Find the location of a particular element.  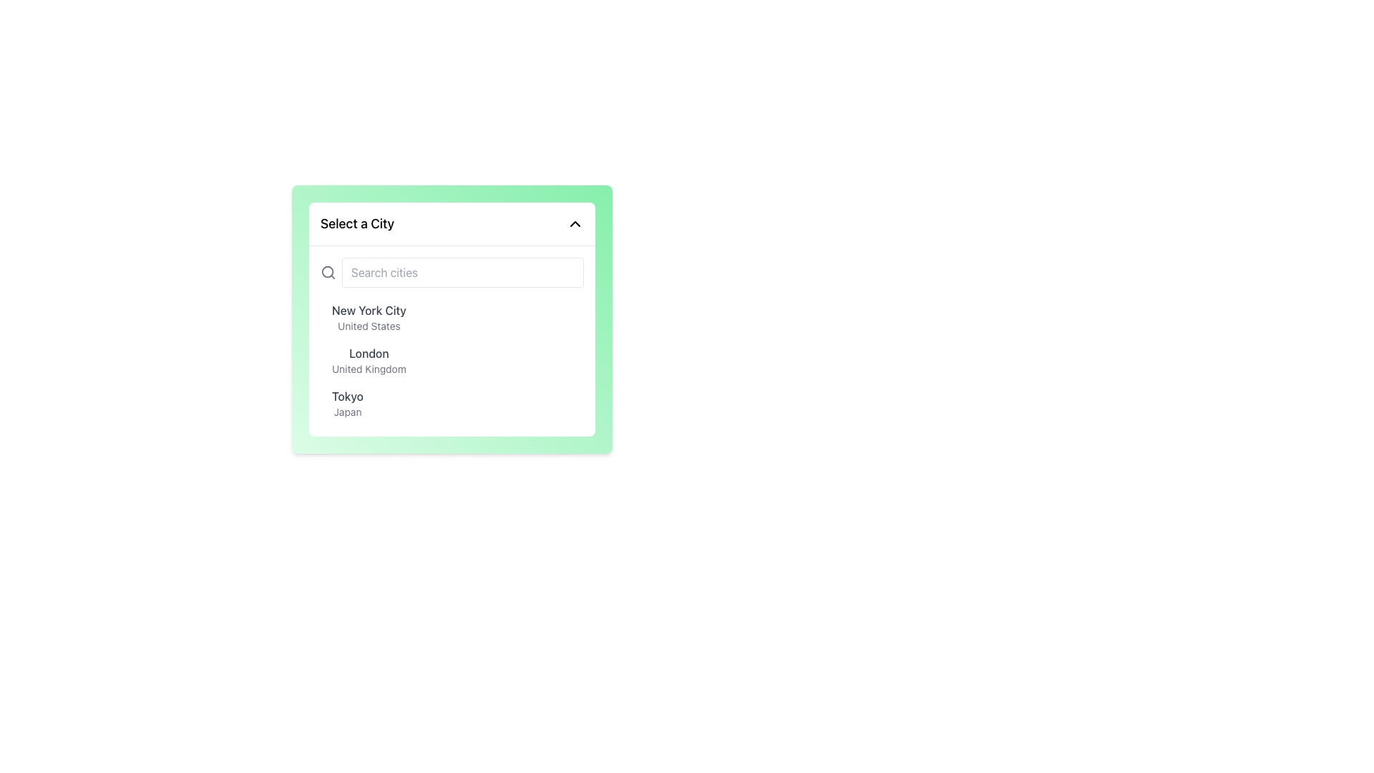

the search icon element located on the left side of the 'Search cities' input field is located at coordinates (327, 272).